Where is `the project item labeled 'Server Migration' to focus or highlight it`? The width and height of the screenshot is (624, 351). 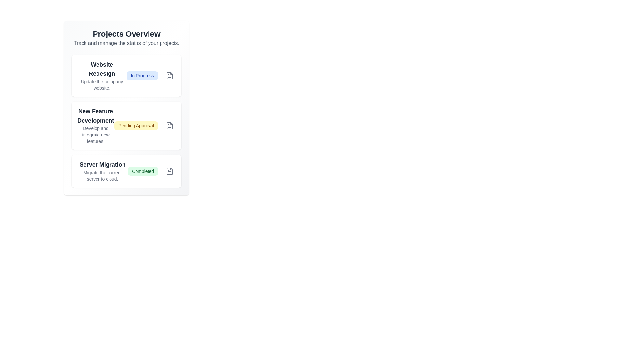 the project item labeled 'Server Migration' to focus or highlight it is located at coordinates (126, 171).